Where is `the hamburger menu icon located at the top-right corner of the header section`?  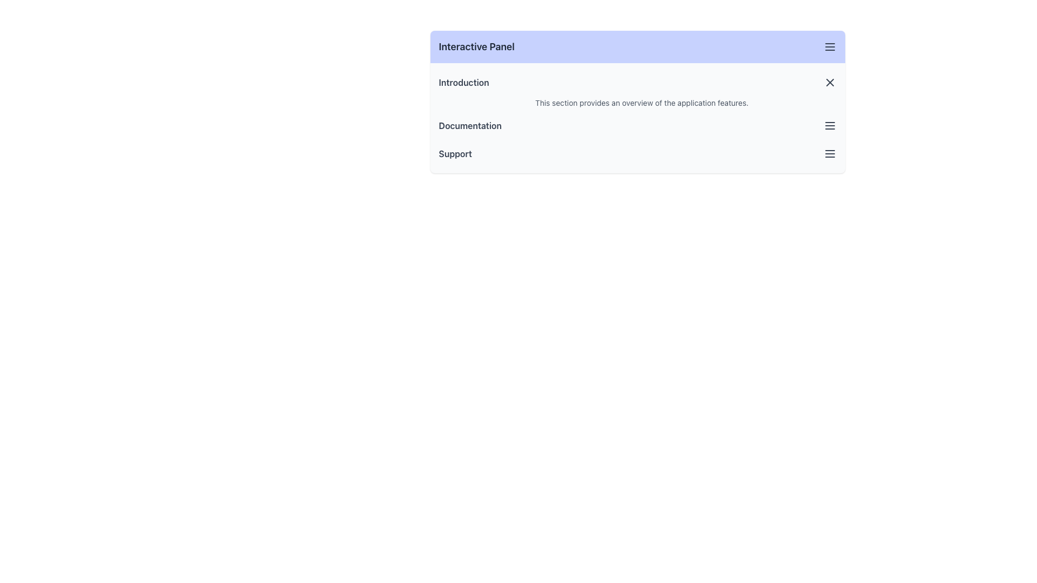 the hamburger menu icon located at the top-right corner of the header section is located at coordinates (829, 46).